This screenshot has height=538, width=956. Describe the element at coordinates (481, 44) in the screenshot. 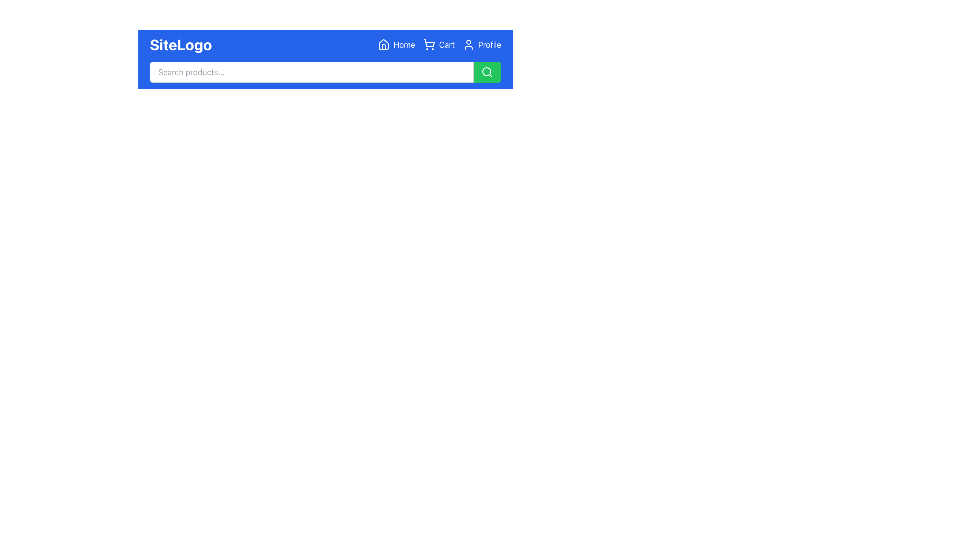

I see `the 'Profile' navigation link, which displays a user icon and is the third item in the header navigation bar on a blue background` at that location.